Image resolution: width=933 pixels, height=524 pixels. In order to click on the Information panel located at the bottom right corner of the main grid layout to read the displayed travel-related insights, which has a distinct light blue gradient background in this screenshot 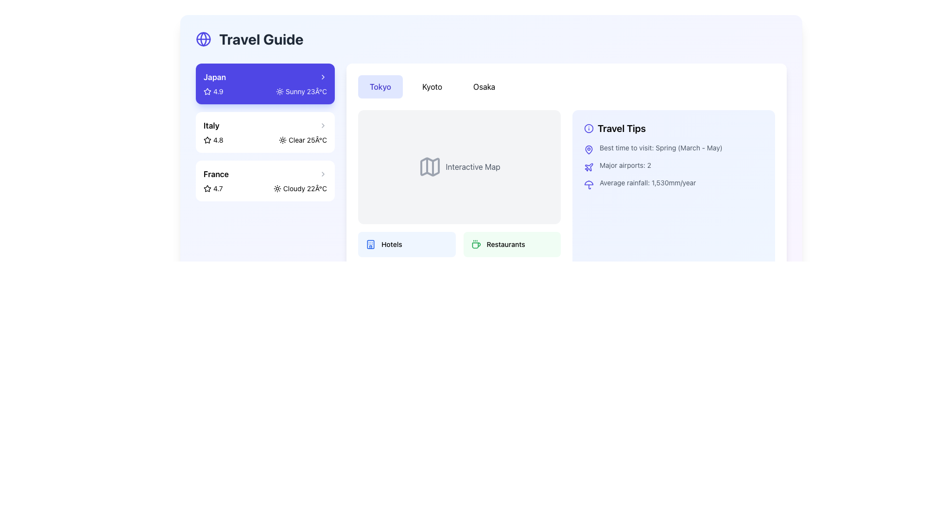, I will do `click(673, 199)`.